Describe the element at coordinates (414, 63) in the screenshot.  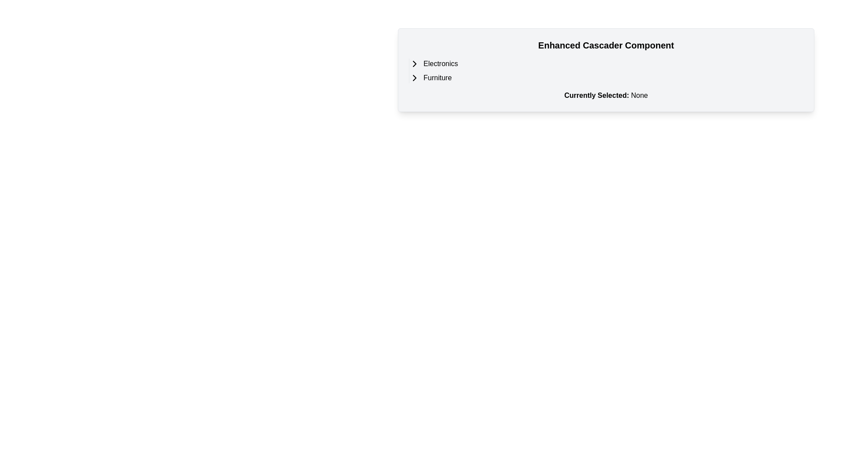
I see `the right-pointing chevron icon located to the left of the 'Electronics' text label` at that location.